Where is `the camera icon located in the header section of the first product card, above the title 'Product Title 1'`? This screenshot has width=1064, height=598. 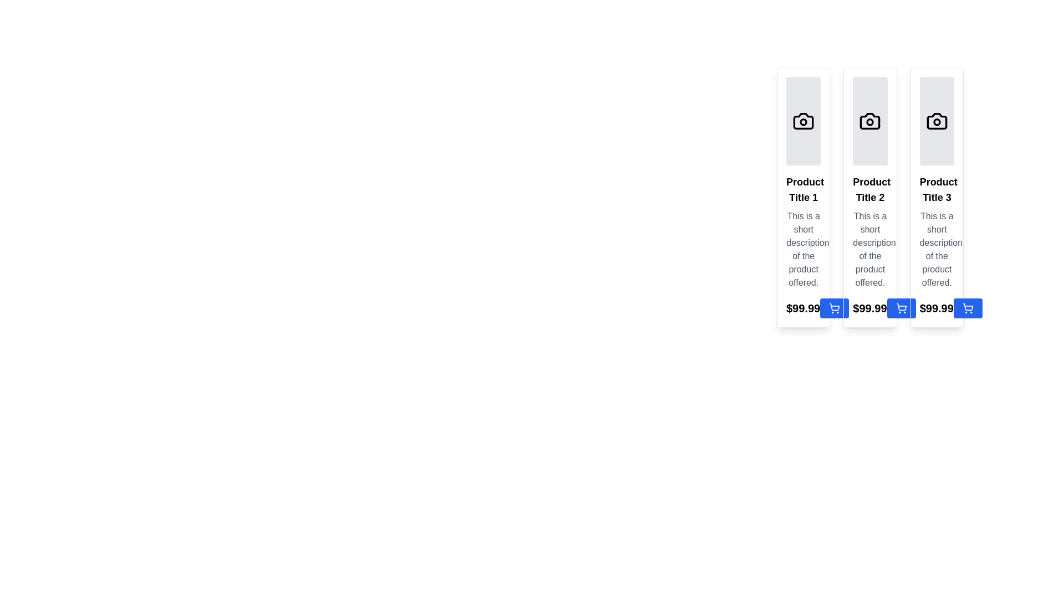 the camera icon located in the header section of the first product card, above the title 'Product Title 1' is located at coordinates (804, 121).